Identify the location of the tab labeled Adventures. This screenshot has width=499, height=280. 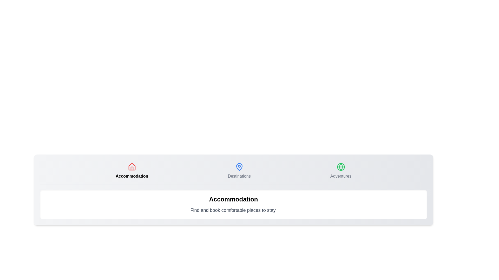
(341, 171).